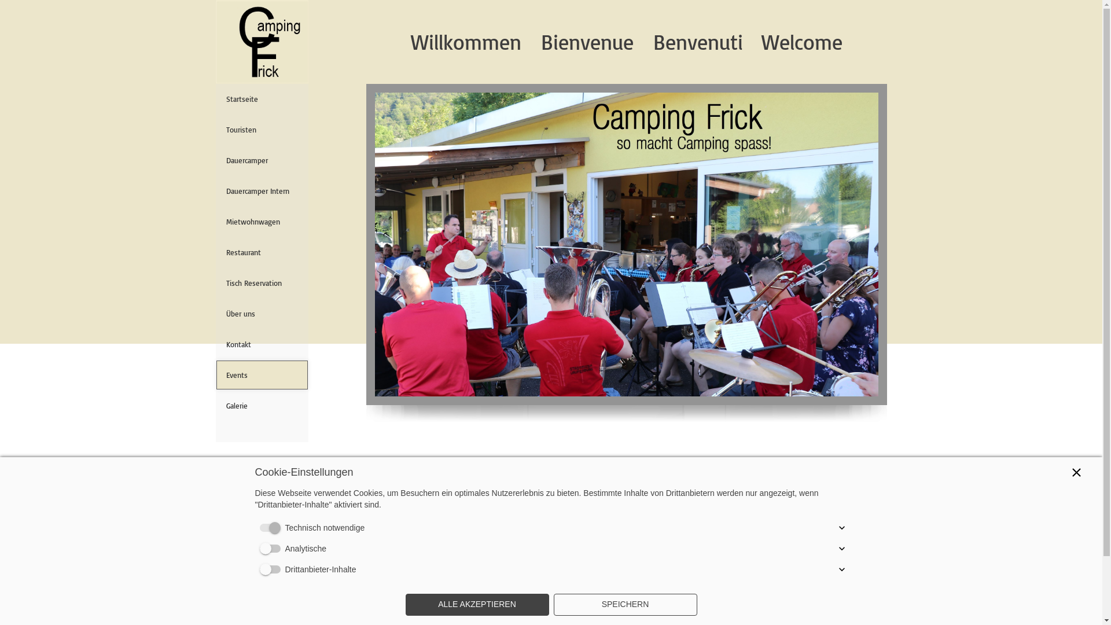 The height and width of the screenshot is (625, 1111). What do you see at coordinates (260, 98) in the screenshot?
I see `'Startseite'` at bounding box center [260, 98].